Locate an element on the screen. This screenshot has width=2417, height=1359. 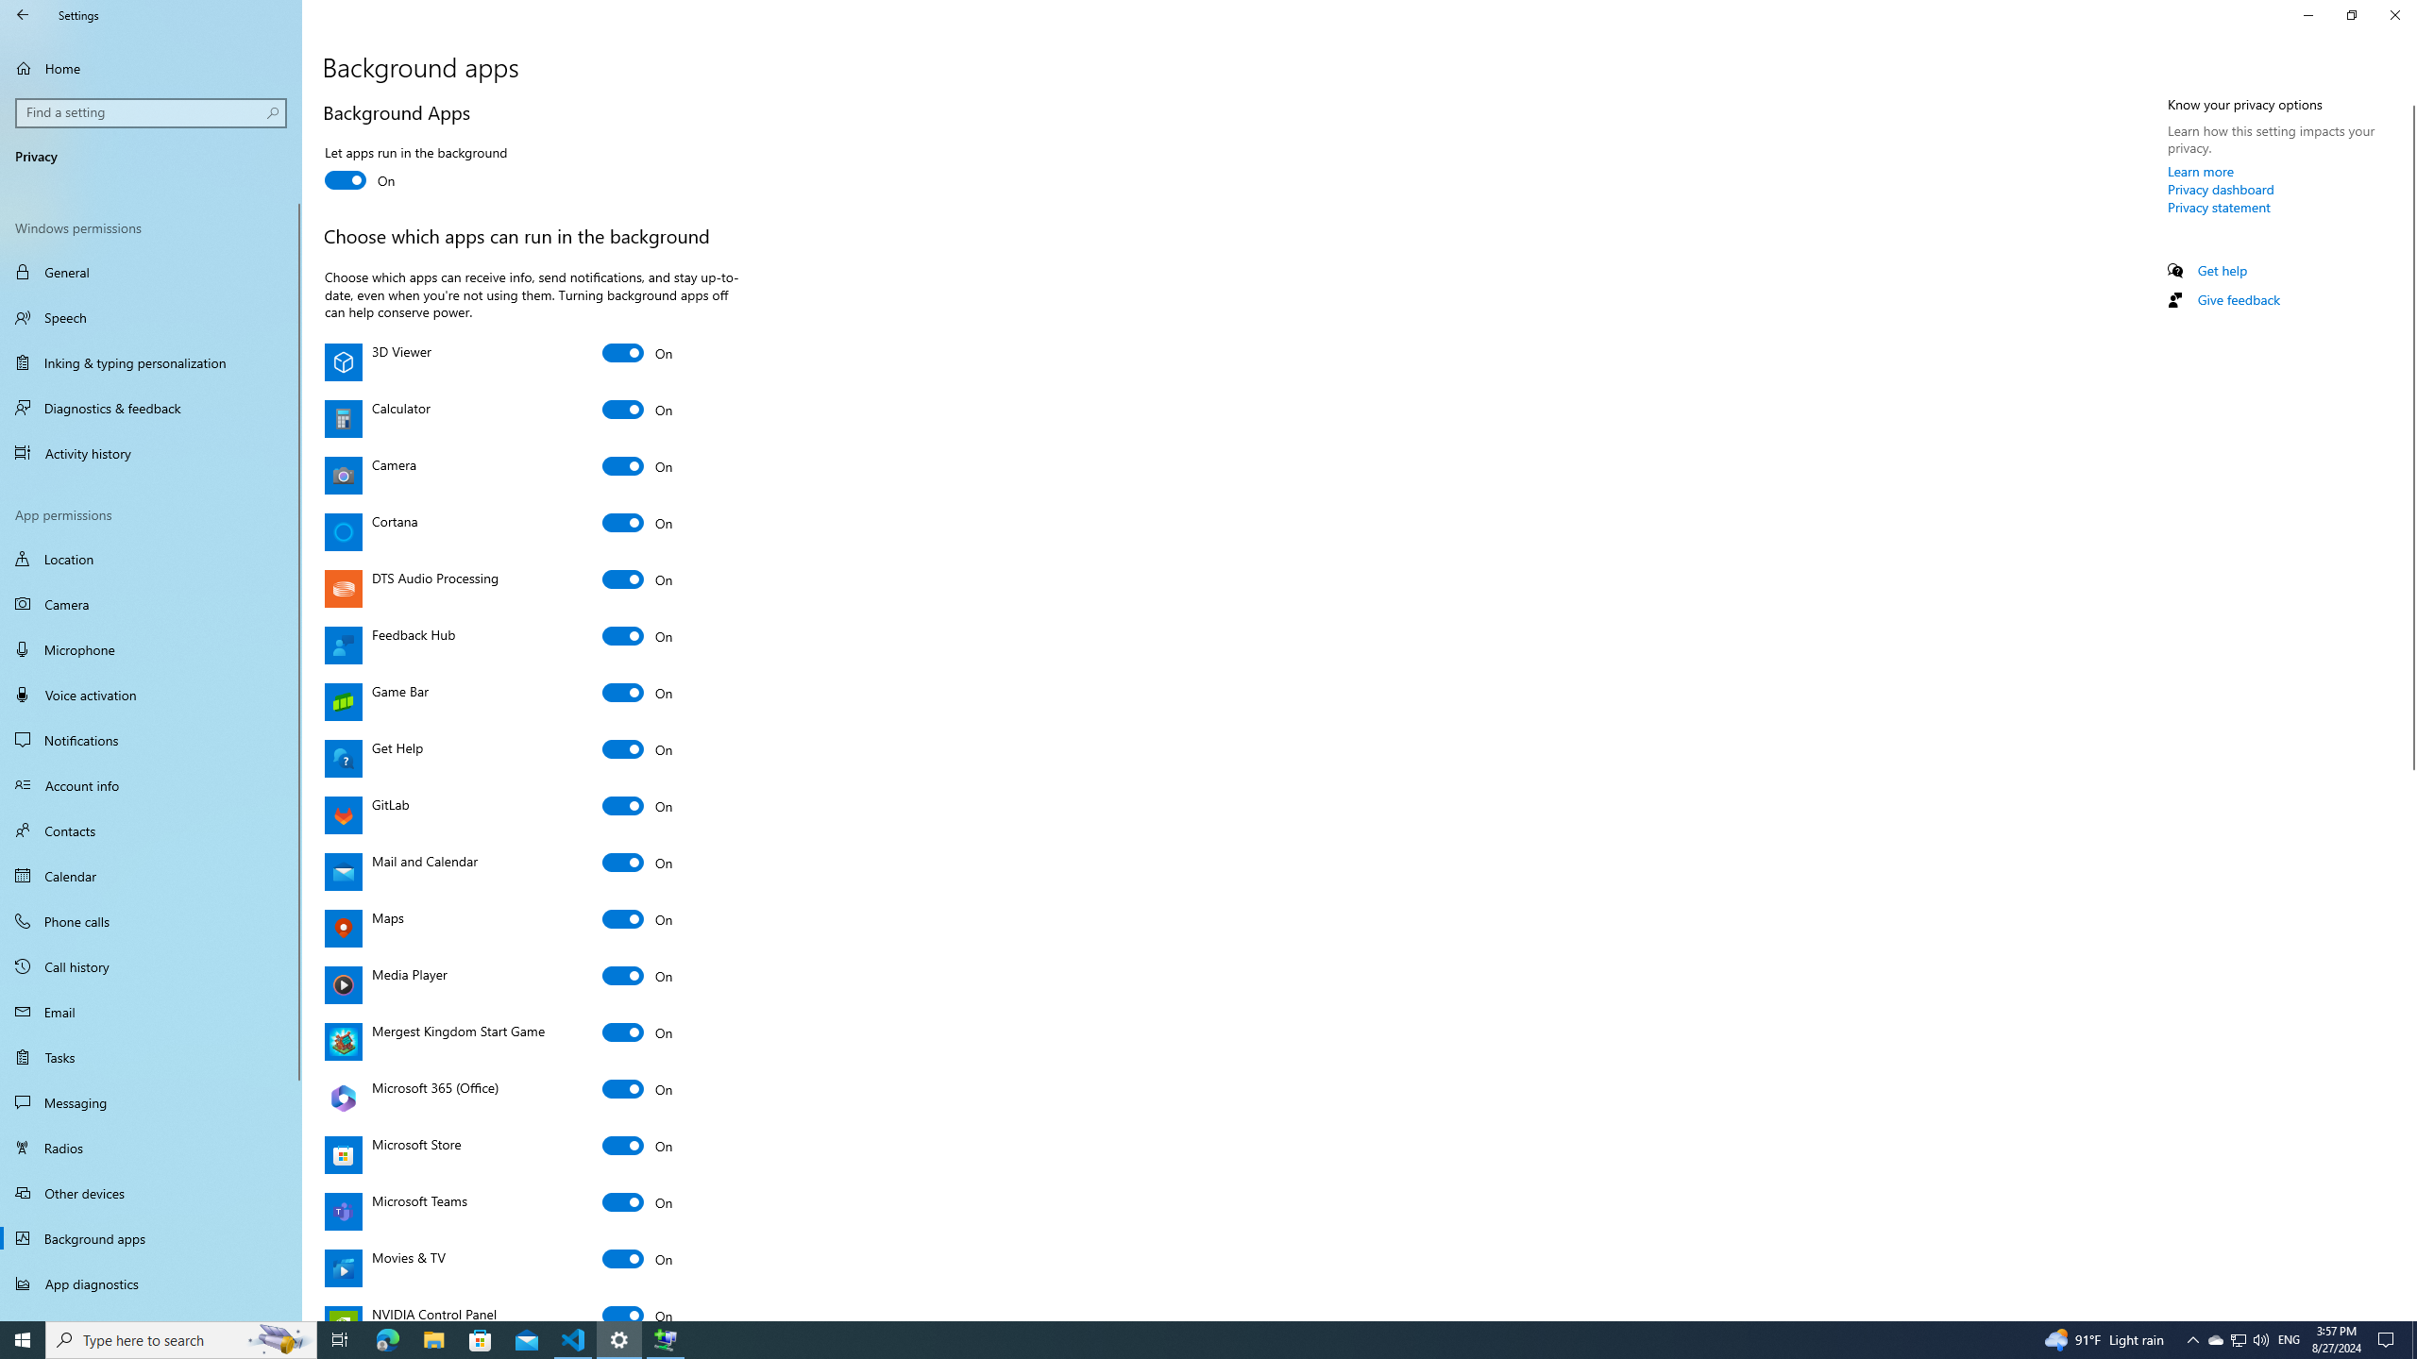
'3D Viewer' is located at coordinates (636, 353).